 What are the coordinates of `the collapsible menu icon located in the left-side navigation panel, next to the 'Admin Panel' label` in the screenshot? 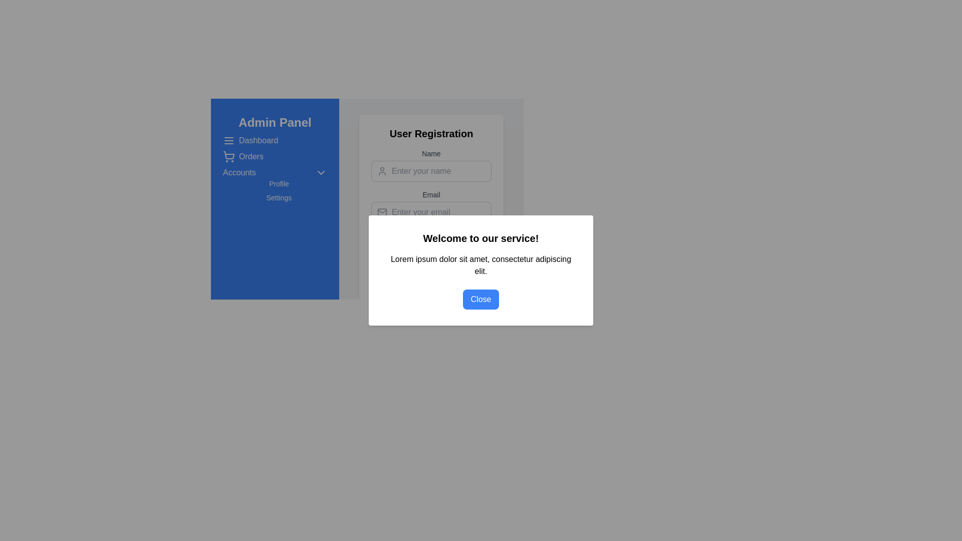 It's located at (228, 141).